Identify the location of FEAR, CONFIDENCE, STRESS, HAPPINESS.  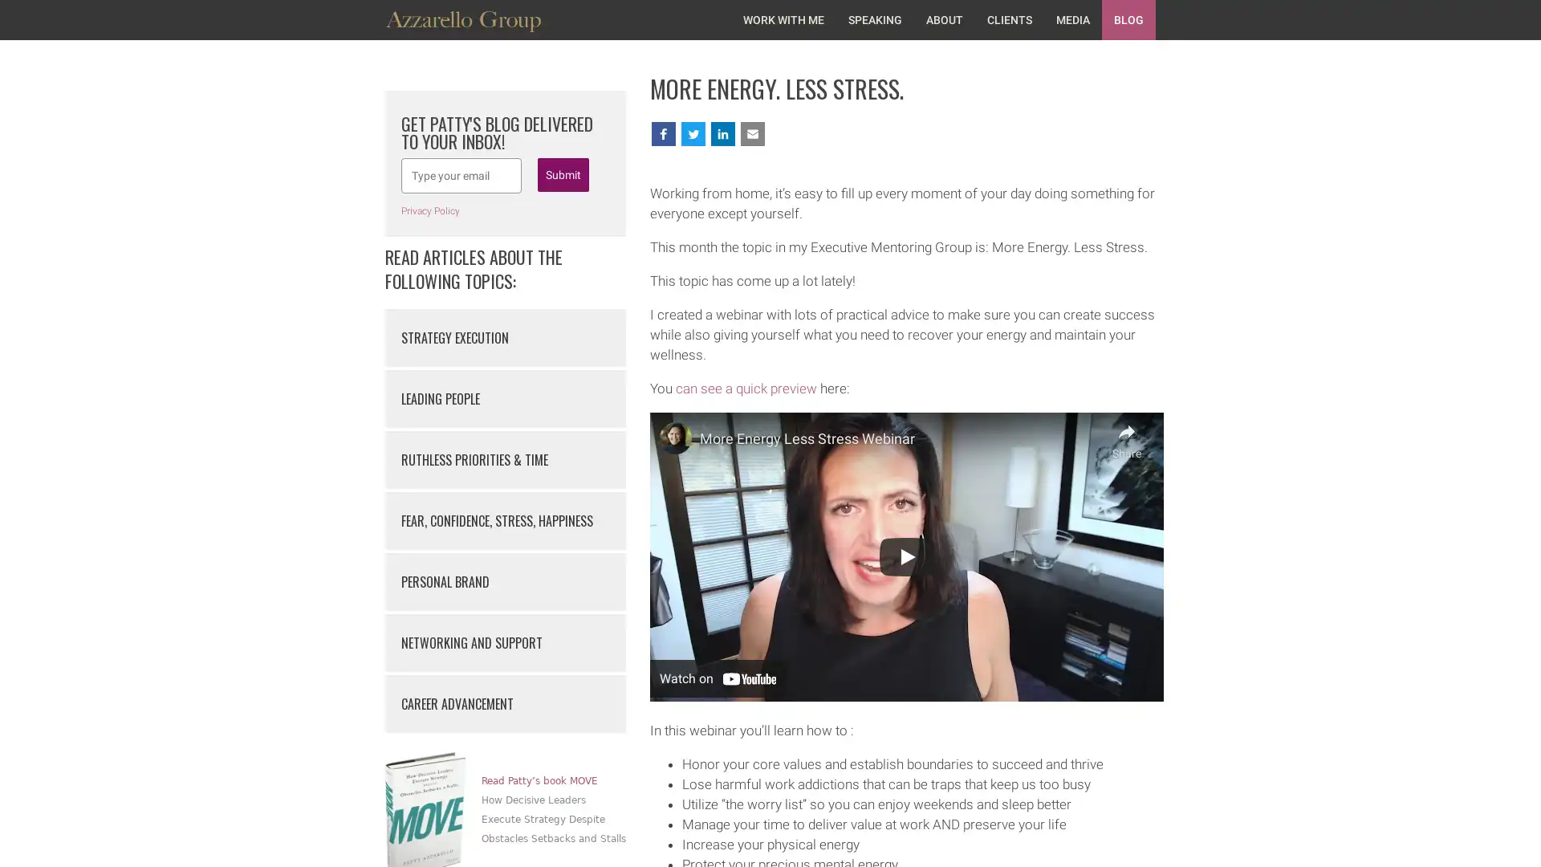
(504, 520).